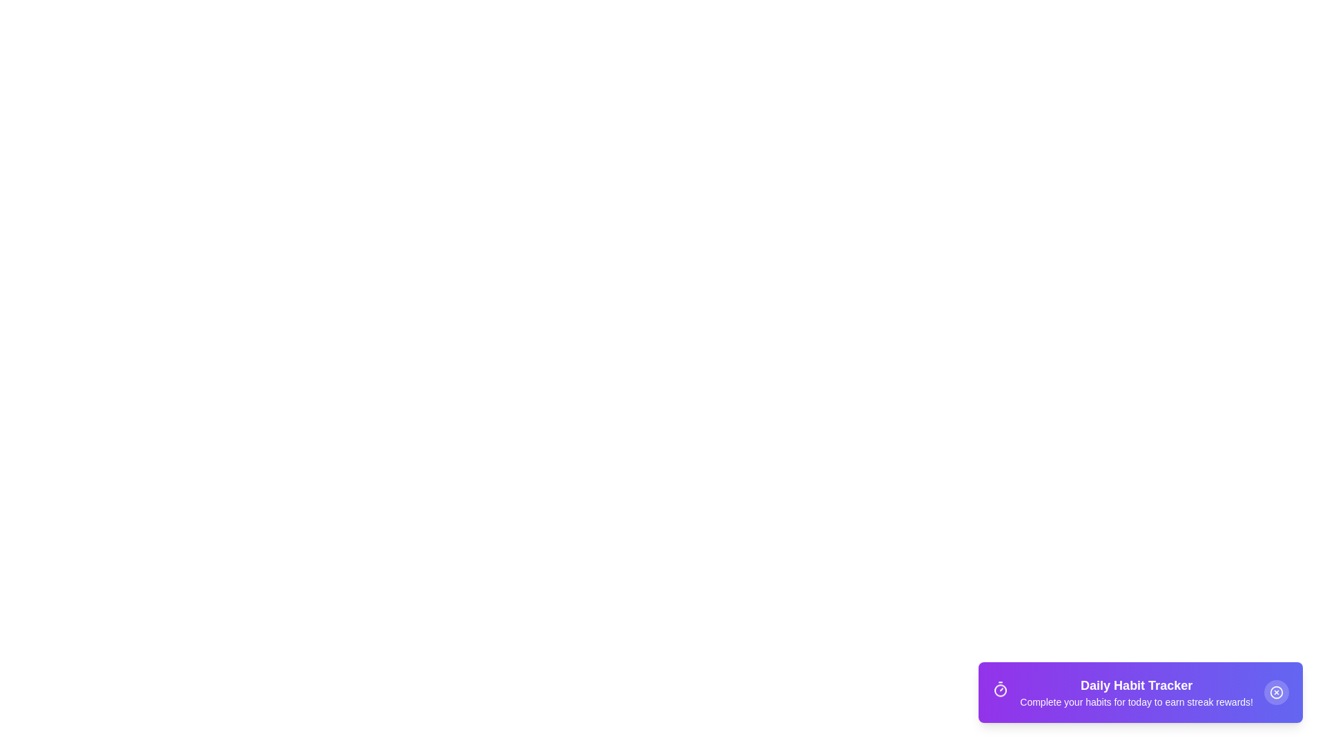 Image resolution: width=1325 pixels, height=745 pixels. Describe the element at coordinates (1000, 691) in the screenshot. I see `the decorative icon to interact with it` at that location.